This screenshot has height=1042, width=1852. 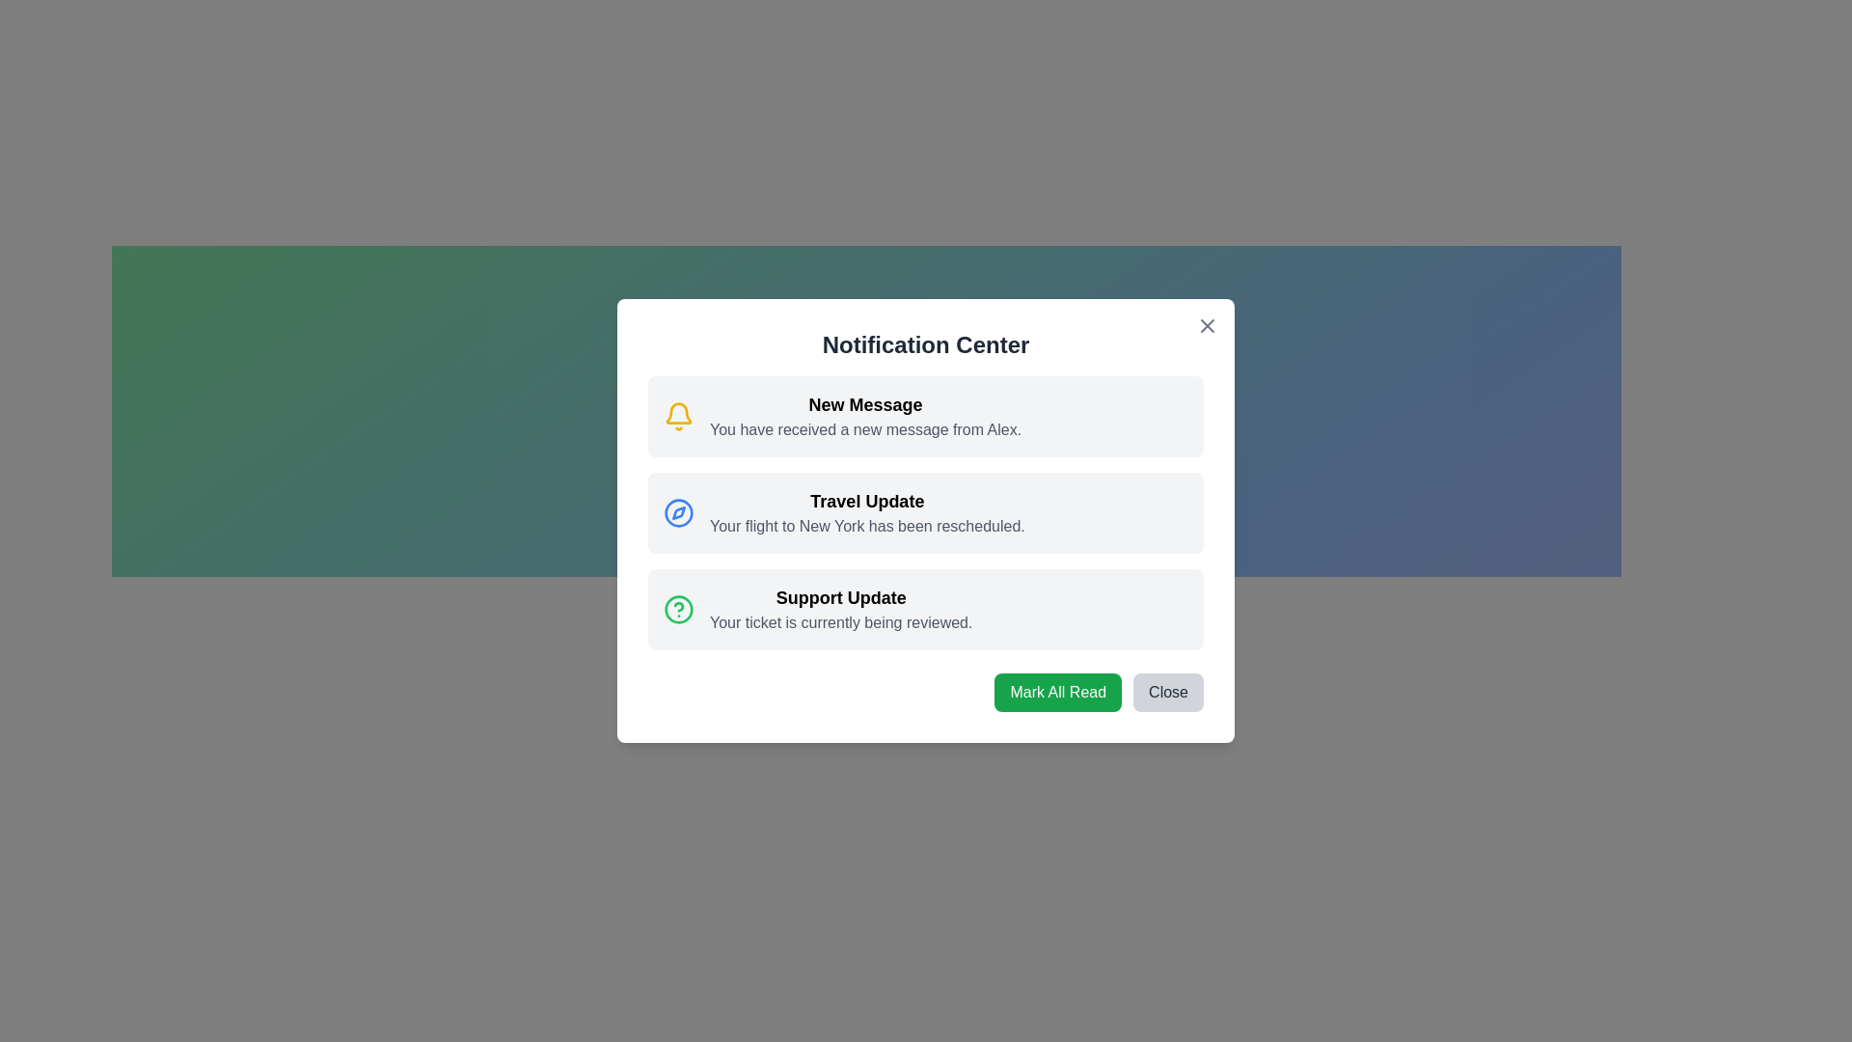 What do you see at coordinates (679, 610) in the screenshot?
I see `the green circular Decorative icon with a question mark symbol located to the far left within the third informational section below the 'Support Update' title` at bounding box center [679, 610].